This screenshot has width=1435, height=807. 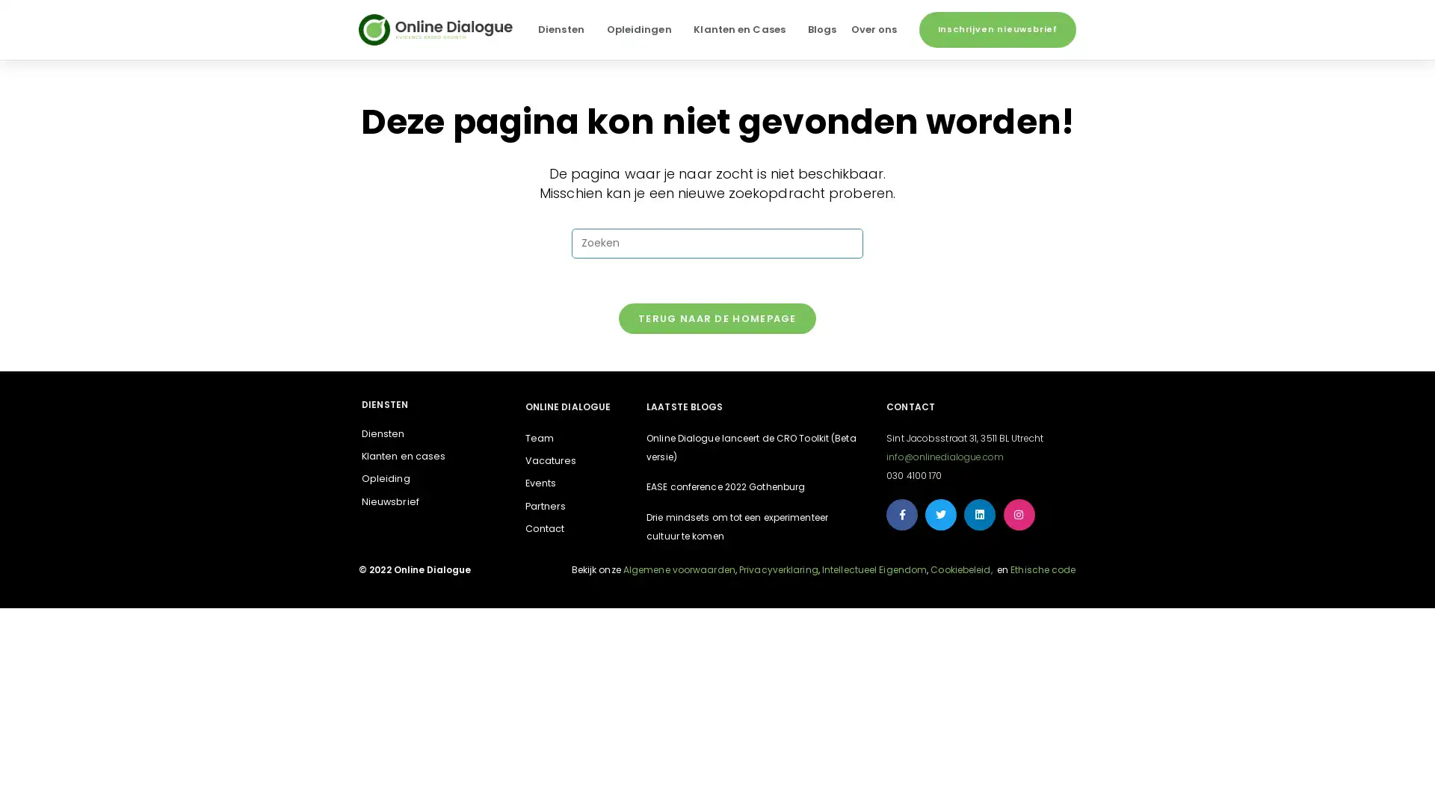 What do you see at coordinates (997, 29) in the screenshot?
I see `Inschrijven nieuwsbrief` at bounding box center [997, 29].